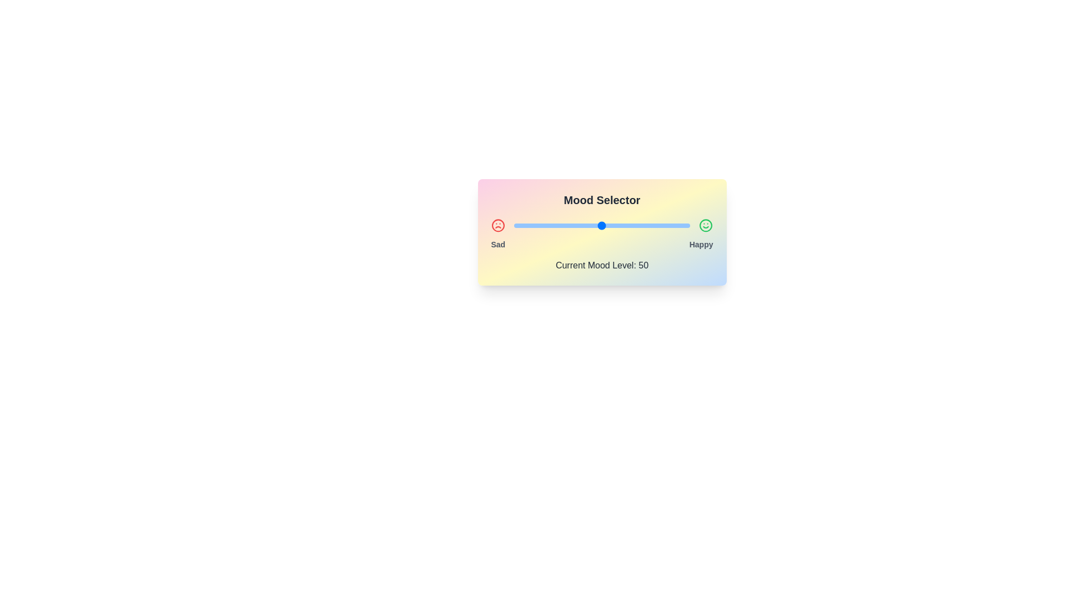 This screenshot has height=599, width=1066. What do you see at coordinates (600, 225) in the screenshot?
I see `the mood level to 49 by interacting with the slider` at bounding box center [600, 225].